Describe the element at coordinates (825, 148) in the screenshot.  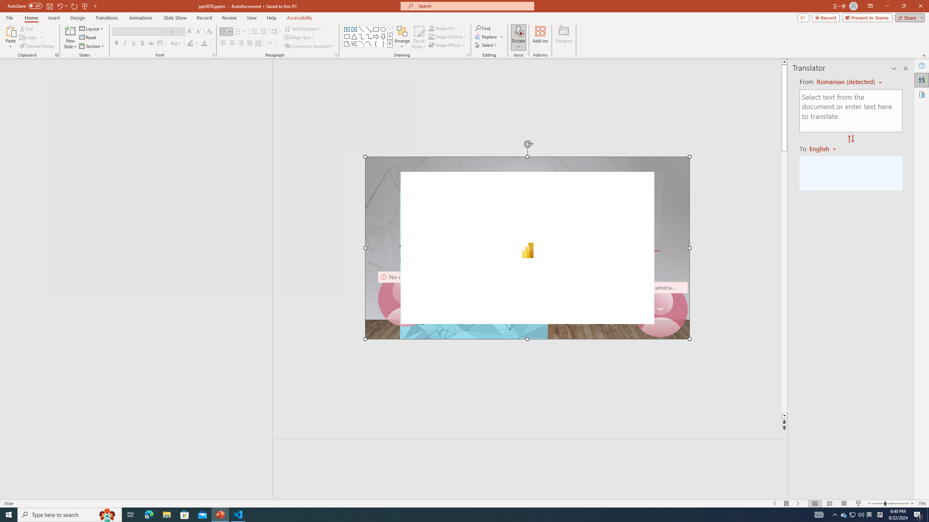
I see `'Romanian'` at that location.